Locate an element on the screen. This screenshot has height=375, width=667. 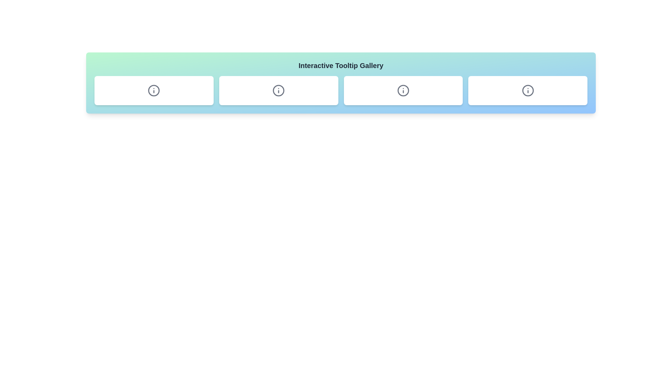
the 'info' icon, which is a gray circle with a letter 'i' inside, located in the middle-left of the second box in a set of four boxes is located at coordinates (154, 90).